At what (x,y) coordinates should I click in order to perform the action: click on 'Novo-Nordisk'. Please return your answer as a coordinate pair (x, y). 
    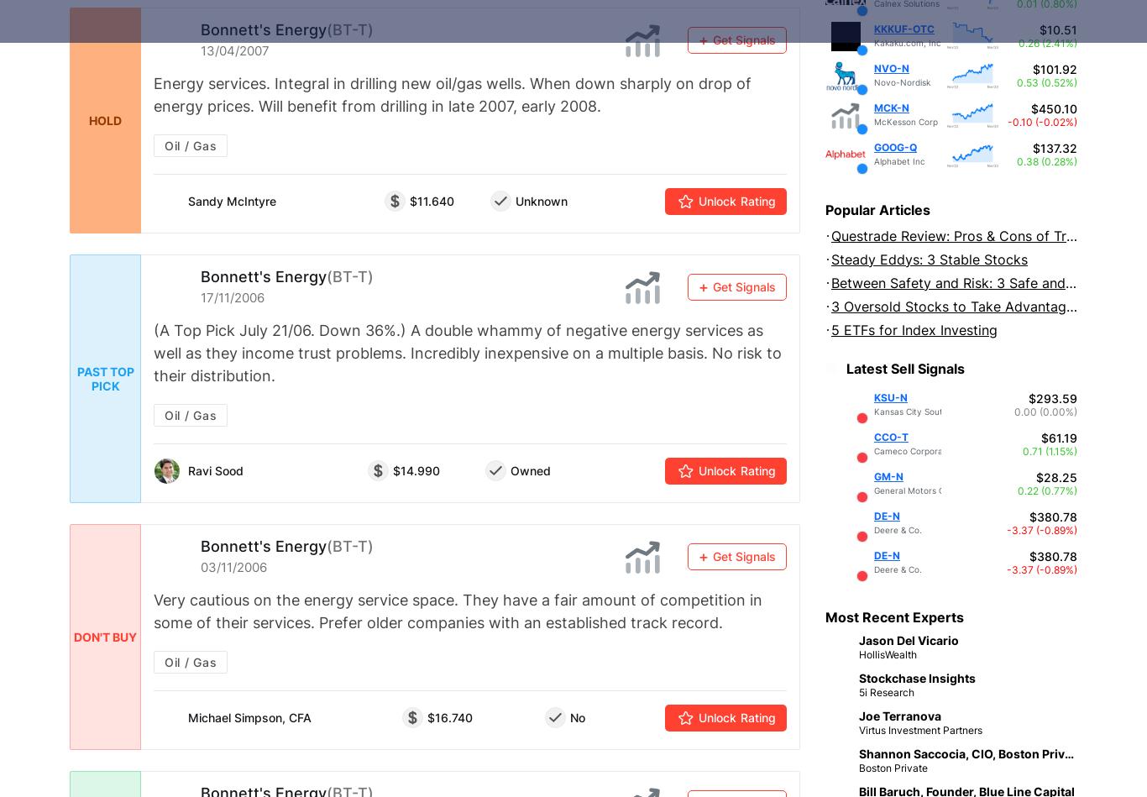
    Looking at the image, I should click on (873, 82).